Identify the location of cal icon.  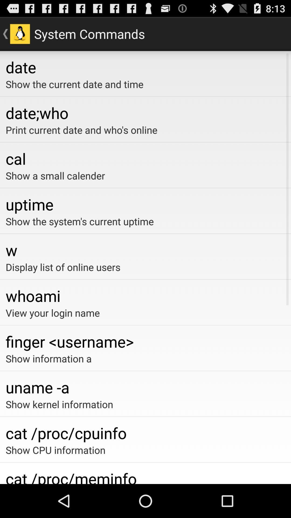
(145, 158).